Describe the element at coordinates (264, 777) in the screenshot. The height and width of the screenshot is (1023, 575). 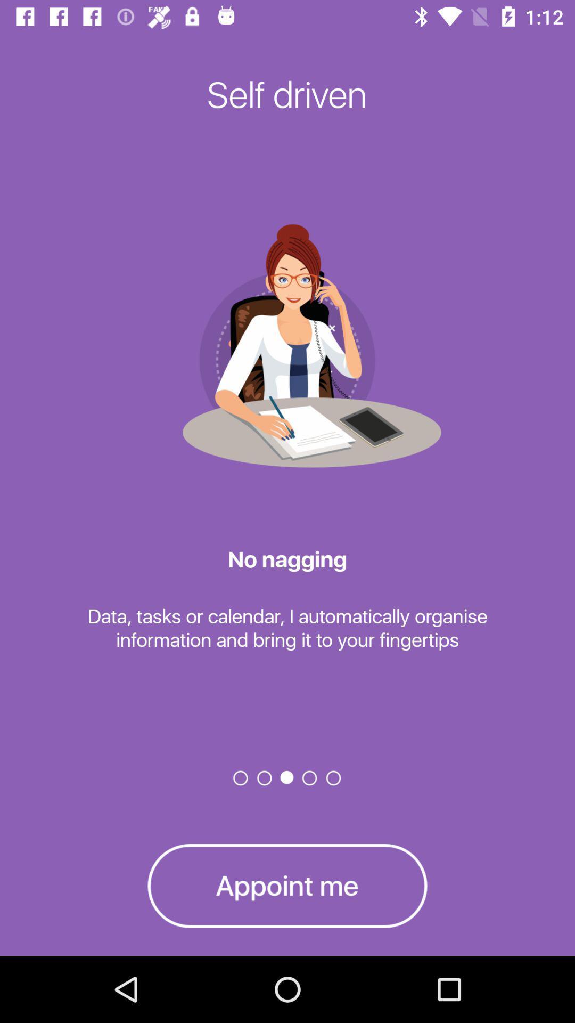
I see `second circle above the appoint me button` at that location.